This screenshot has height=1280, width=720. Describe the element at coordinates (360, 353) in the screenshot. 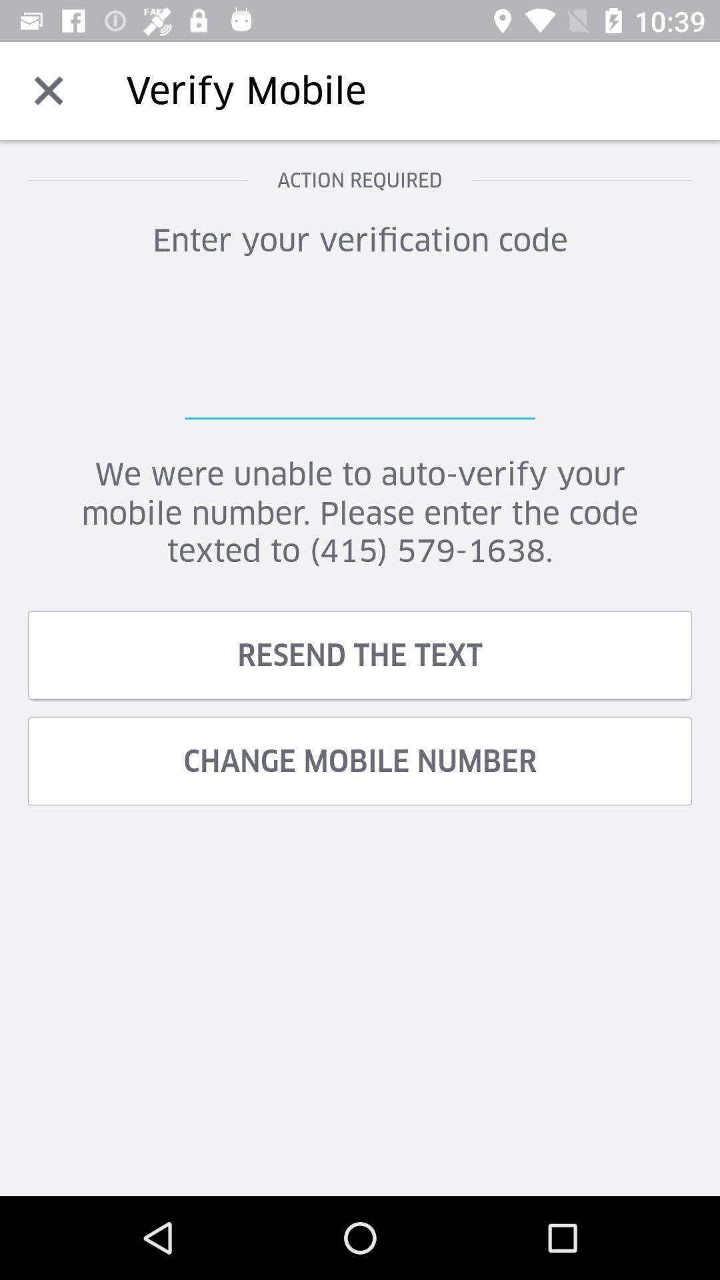

I see `icon above the we were unable item` at that location.